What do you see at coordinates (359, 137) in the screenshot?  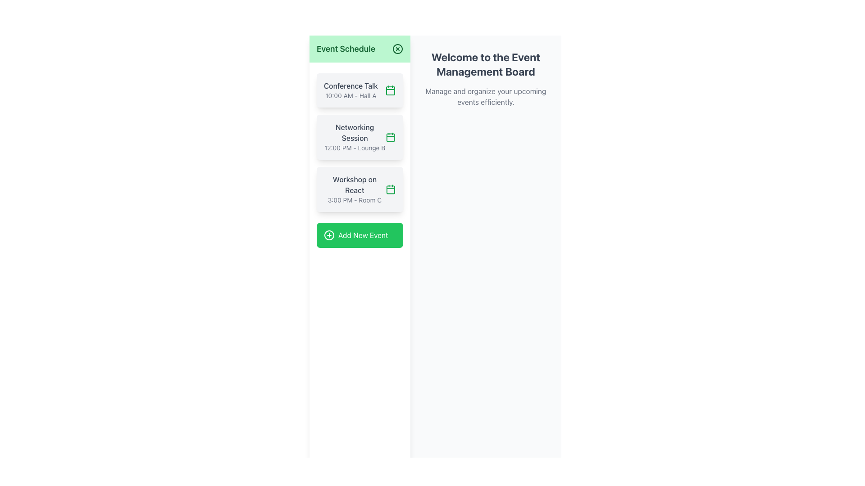 I see `the second Informational Card in the Event Schedule section` at bounding box center [359, 137].